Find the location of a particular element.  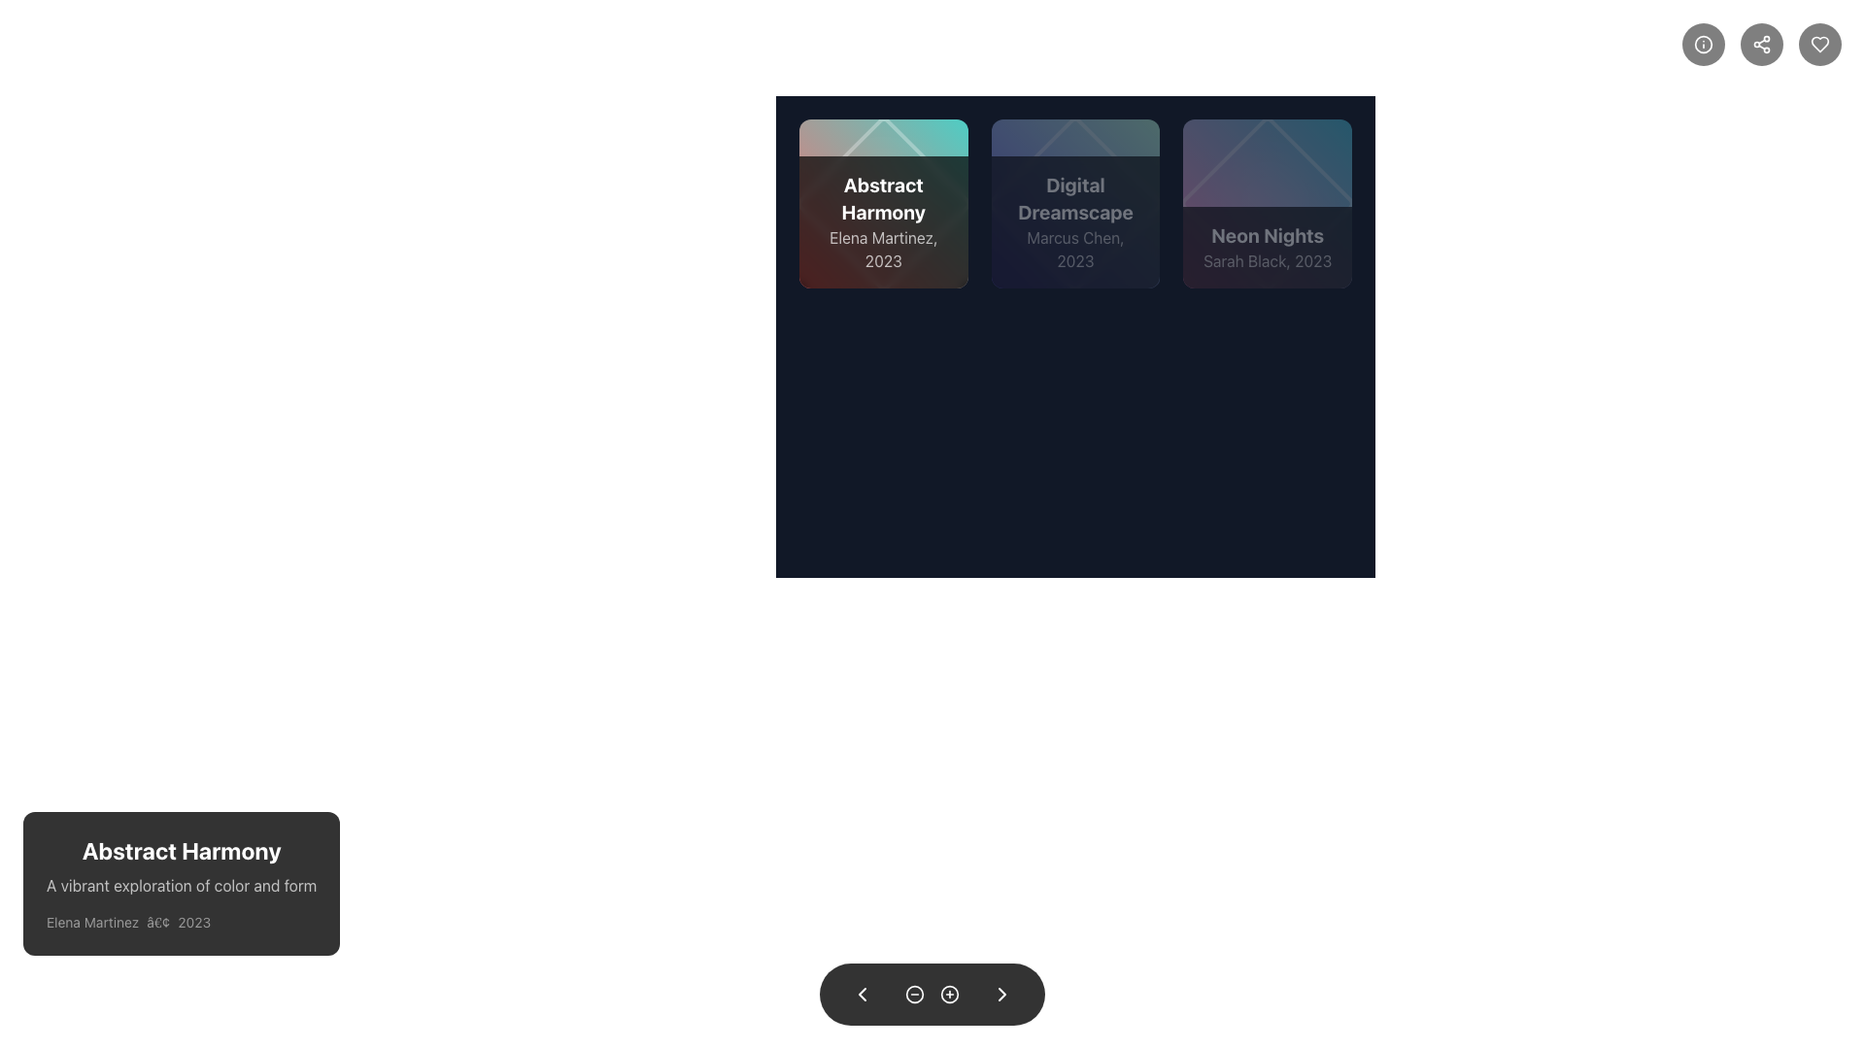

text label that provides the name of the creator and year associated with the 'Neon Nights' card, which is positioned within a dark rectangle at the bottom of the card, beneath its heading is located at coordinates (1268, 259).